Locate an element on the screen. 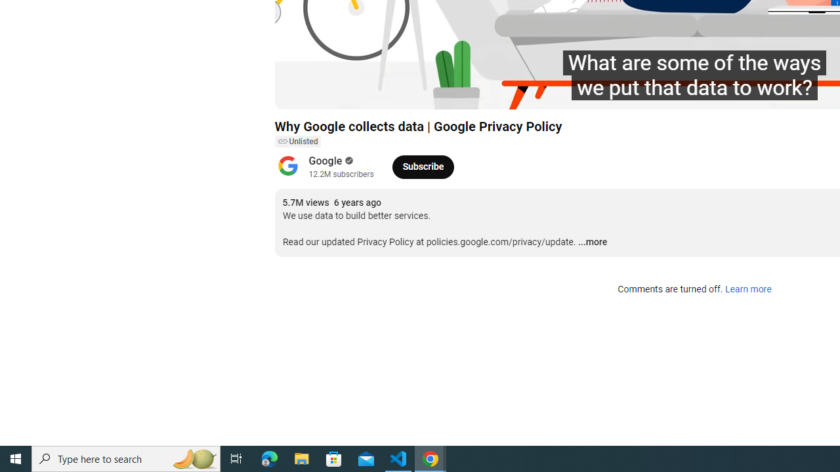 The image size is (840, 472). 'Verified' is located at coordinates (348, 160).